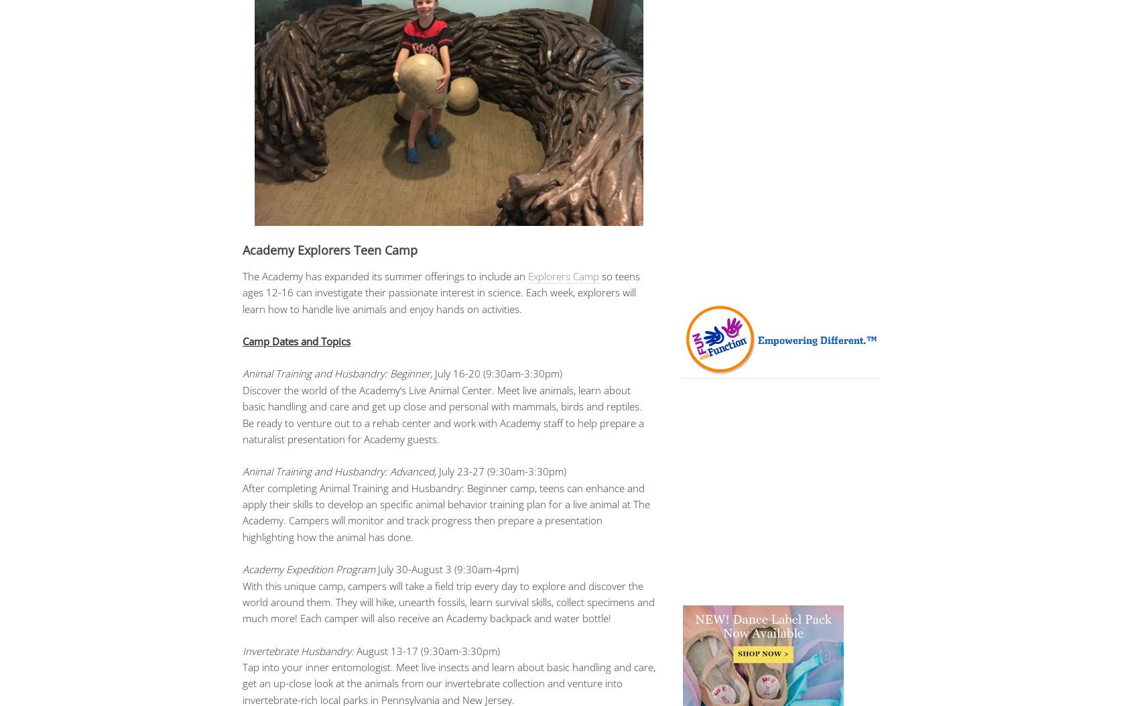 This screenshot has height=706, width=1142. Describe the element at coordinates (385, 275) in the screenshot. I see `'The Academy has expanded its summer offerings to include an'` at that location.